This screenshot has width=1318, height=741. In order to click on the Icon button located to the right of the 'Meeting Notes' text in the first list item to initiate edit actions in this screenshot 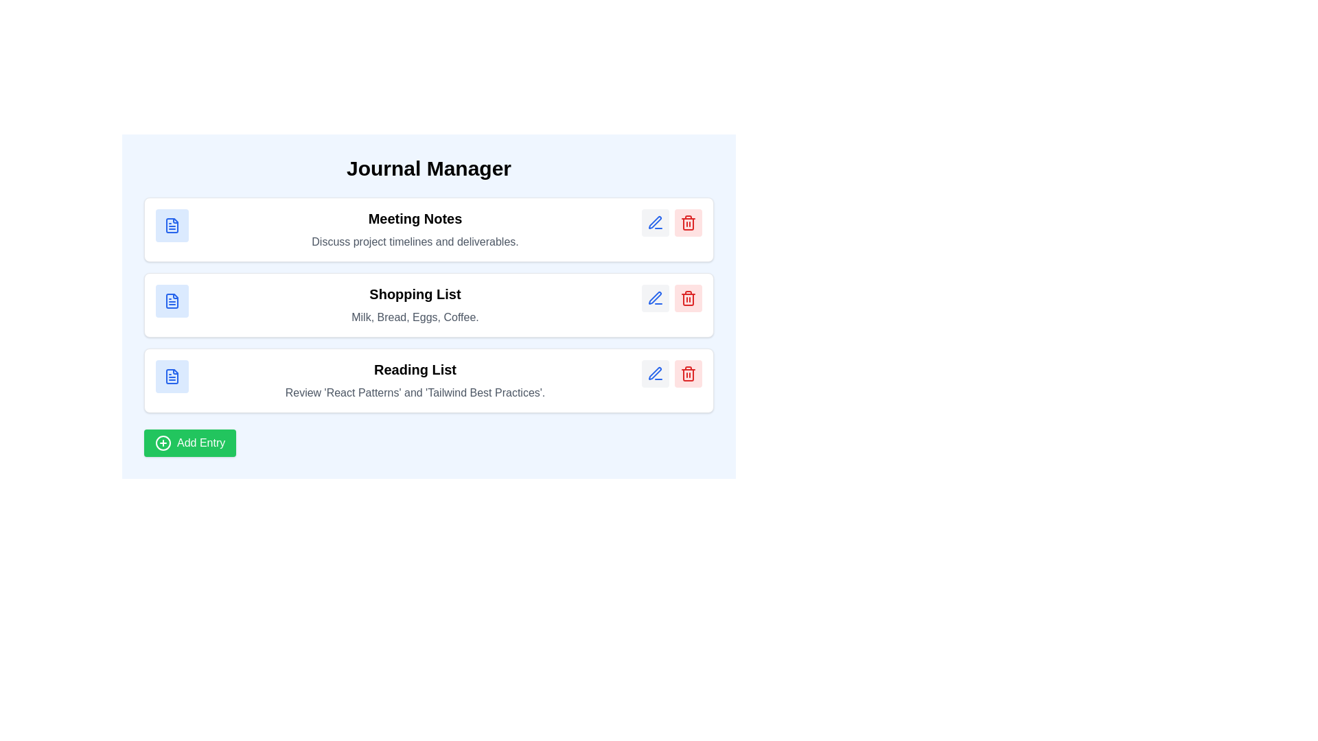, I will do `click(655, 222)`.